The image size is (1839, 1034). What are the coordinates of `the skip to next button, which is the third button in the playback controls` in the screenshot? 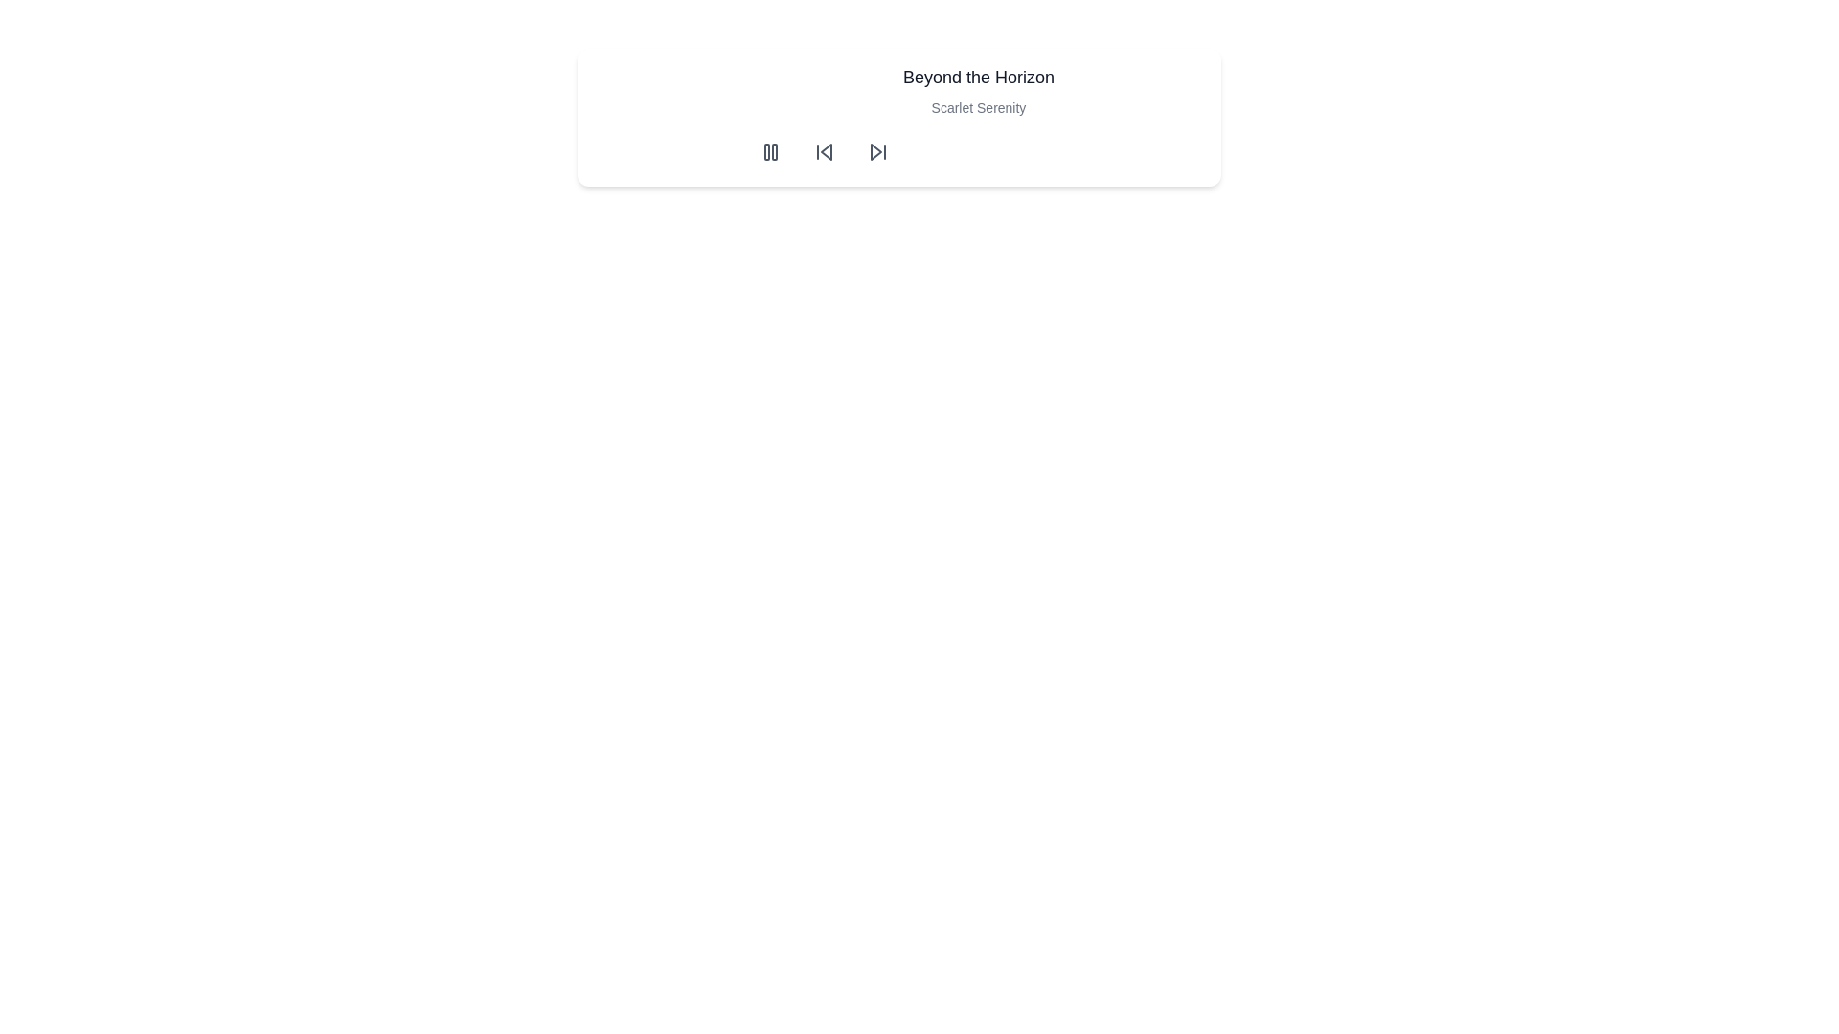 It's located at (876, 150).